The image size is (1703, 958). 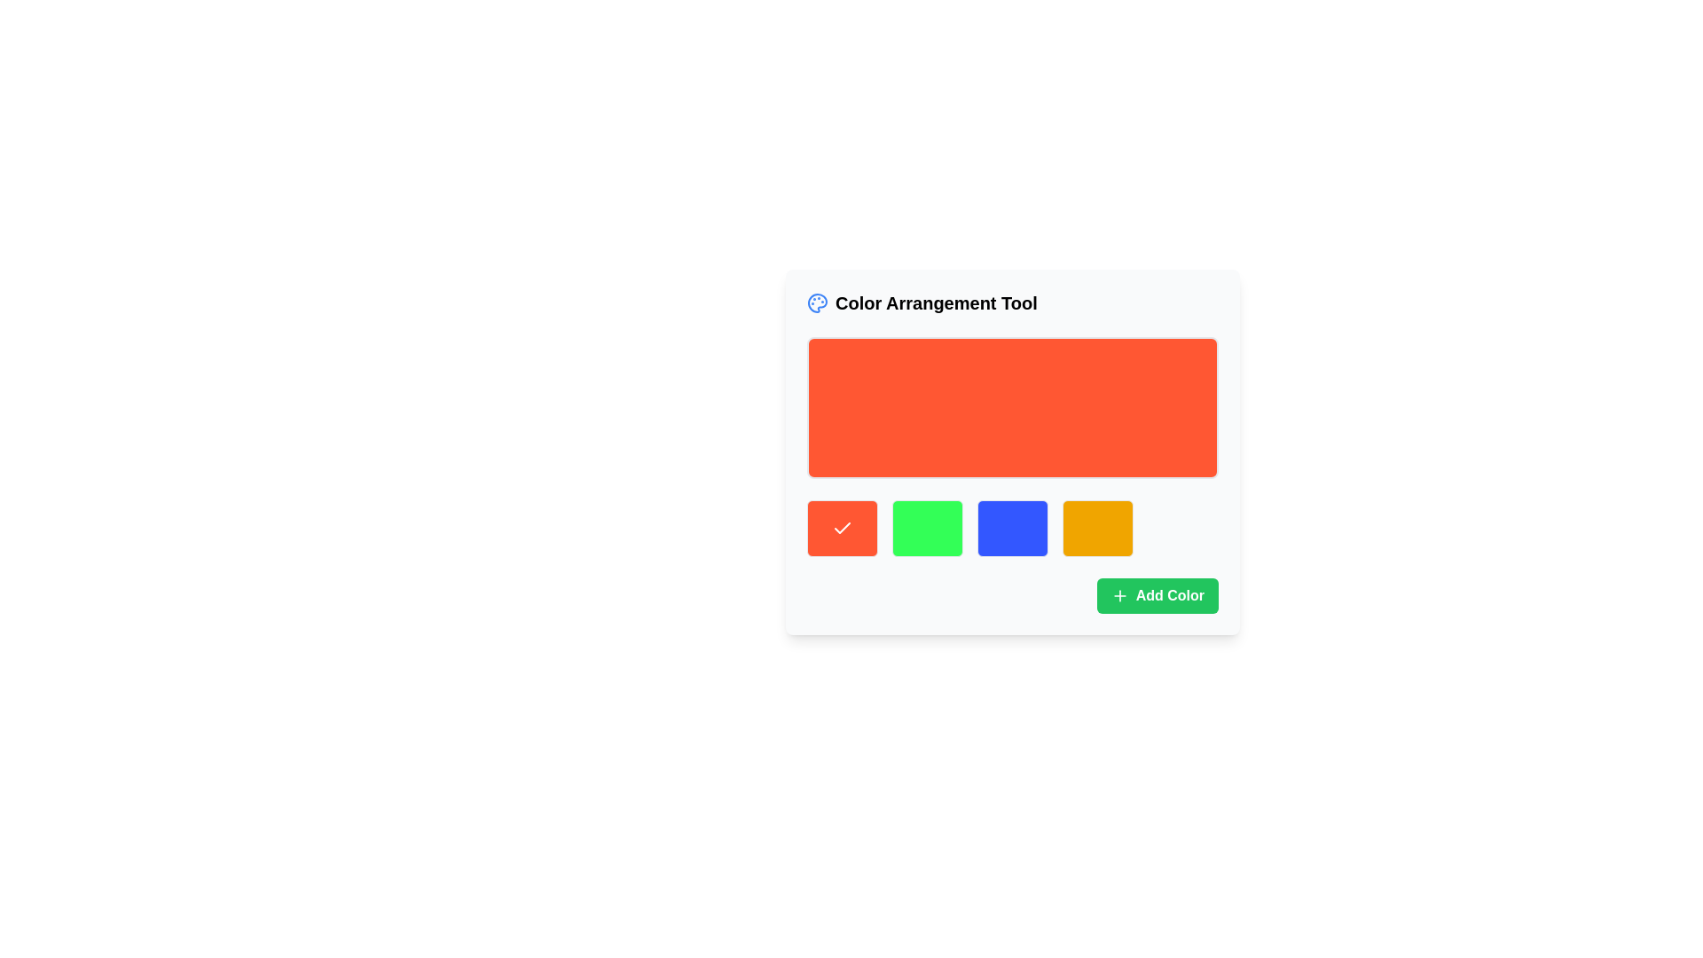 What do you see at coordinates (1118, 595) in the screenshot?
I see `the plus sign icon located in the green 'Add Color' button in the bottom-right corner of the interface` at bounding box center [1118, 595].